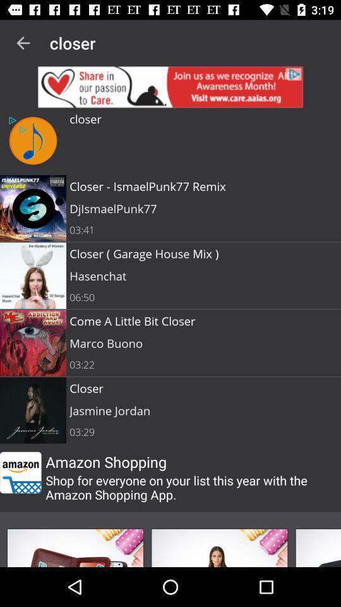 This screenshot has height=607, width=341. Describe the element at coordinates (170, 86) in the screenshot. I see `advert banner` at that location.